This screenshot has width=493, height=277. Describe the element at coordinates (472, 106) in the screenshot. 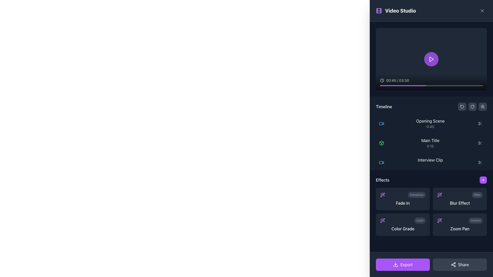

I see `the button with a circular arrow icon located in the middle section of the right sidebar, which is the second button in a sequence of three` at that location.